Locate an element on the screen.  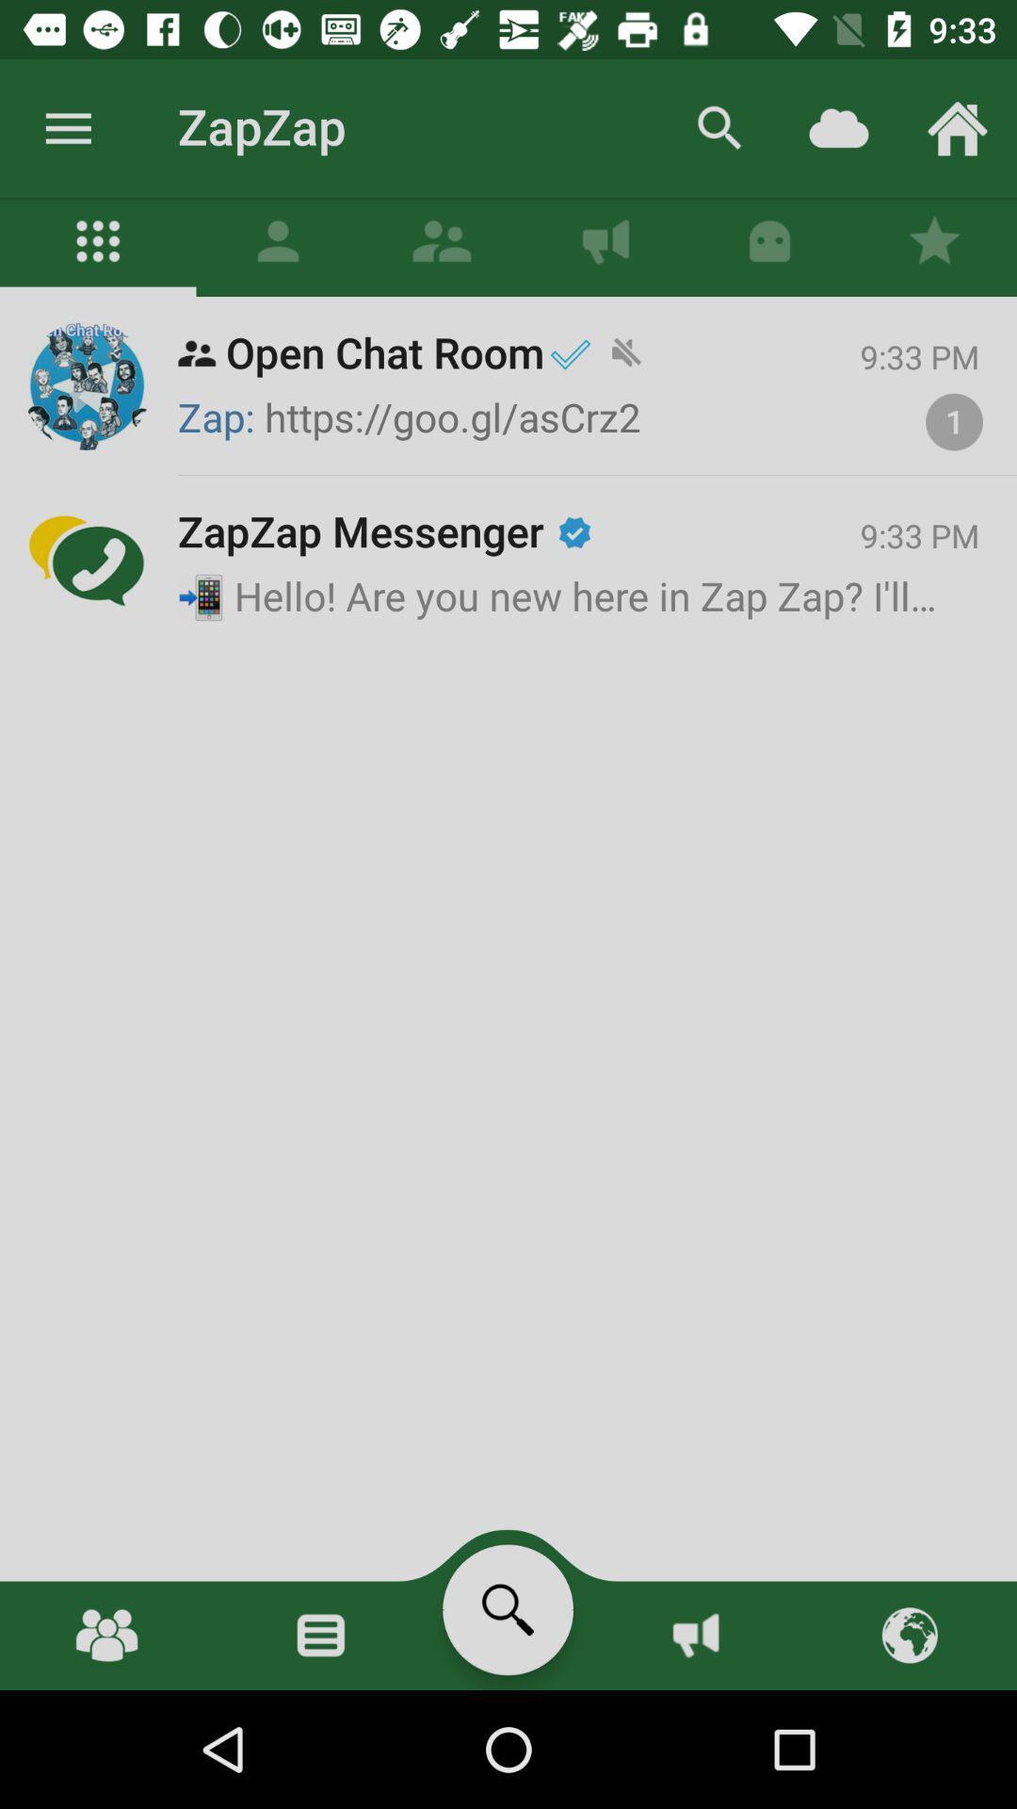
the search icon is located at coordinates (507, 1608).